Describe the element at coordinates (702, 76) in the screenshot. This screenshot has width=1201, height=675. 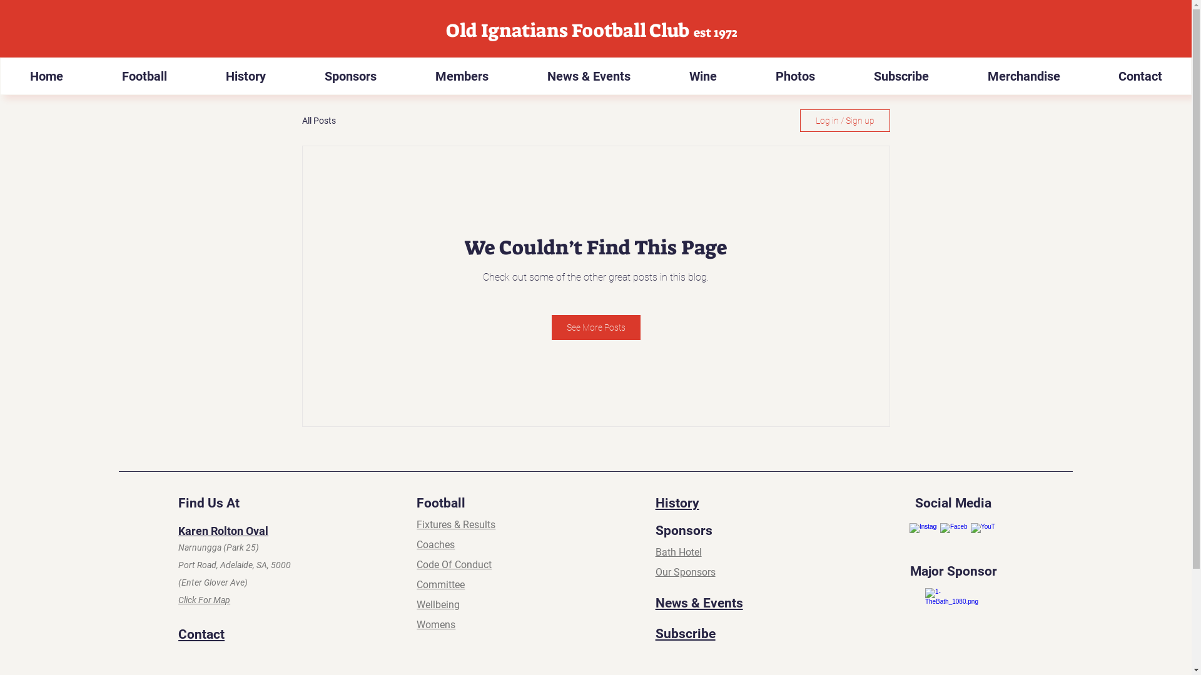
I see `'Wine'` at that location.